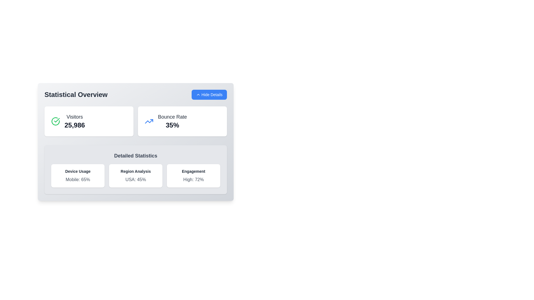 This screenshot has width=534, height=300. I want to click on the icon located at the left side of the 'Hide Details' button in the top-right corner of the visible card, so click(198, 94).